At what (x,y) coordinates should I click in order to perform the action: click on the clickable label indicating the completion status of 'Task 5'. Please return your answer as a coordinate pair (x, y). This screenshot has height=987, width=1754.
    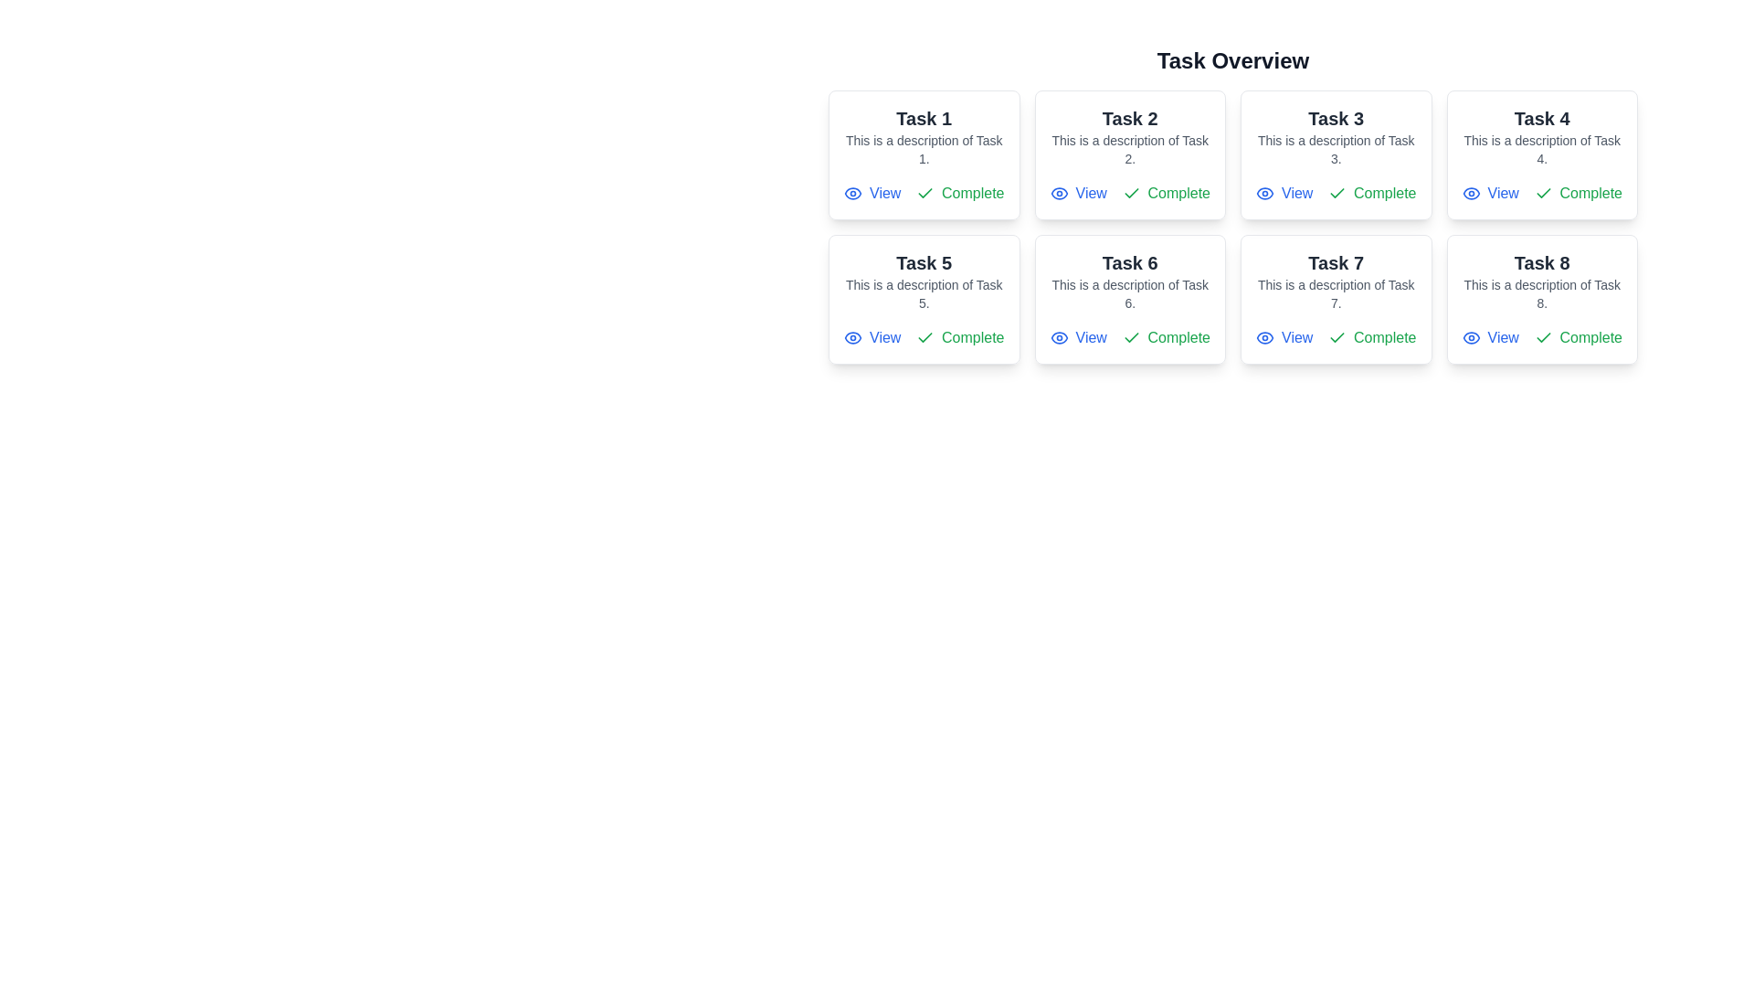
    Looking at the image, I should click on (959, 338).